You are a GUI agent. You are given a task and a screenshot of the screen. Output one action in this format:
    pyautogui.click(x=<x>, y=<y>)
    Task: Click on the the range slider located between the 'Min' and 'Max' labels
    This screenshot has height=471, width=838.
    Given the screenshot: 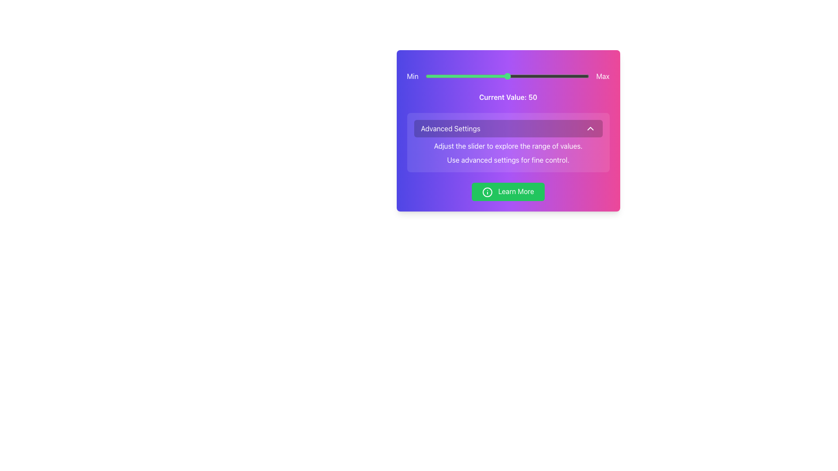 What is the action you would take?
    pyautogui.click(x=508, y=75)
    